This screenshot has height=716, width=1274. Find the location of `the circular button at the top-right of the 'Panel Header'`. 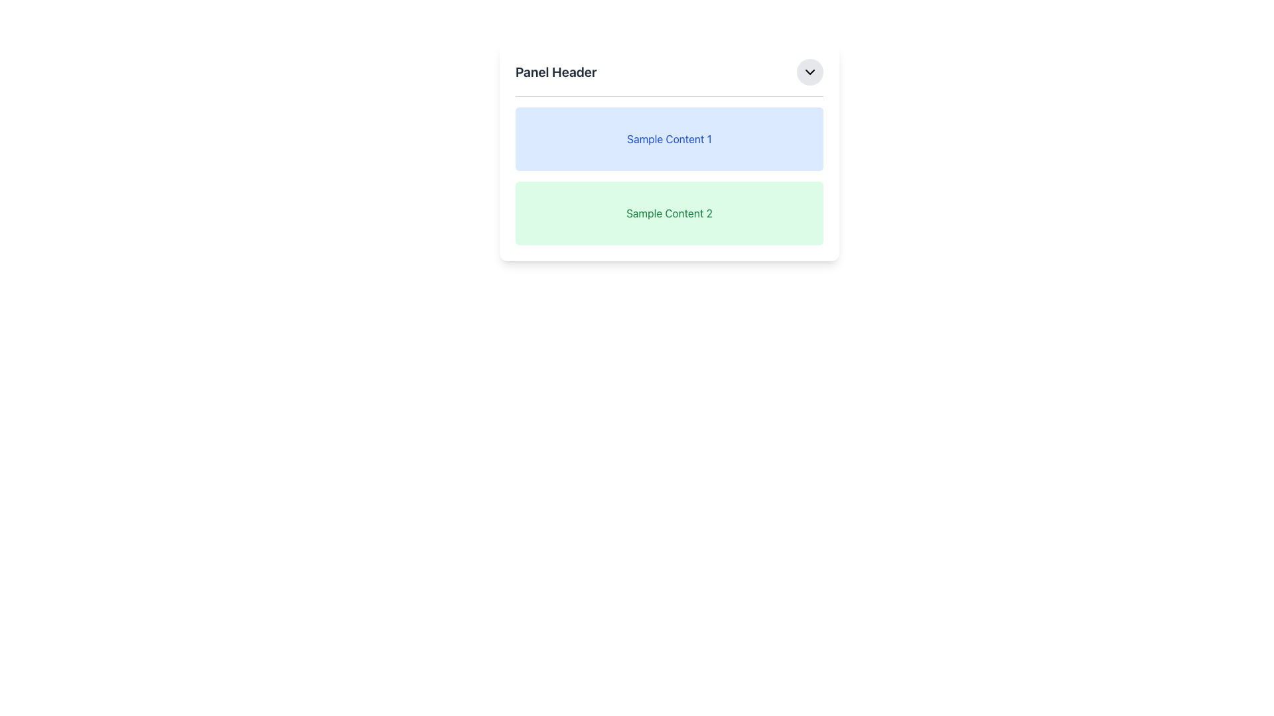

the circular button at the top-right of the 'Panel Header' is located at coordinates (809, 72).